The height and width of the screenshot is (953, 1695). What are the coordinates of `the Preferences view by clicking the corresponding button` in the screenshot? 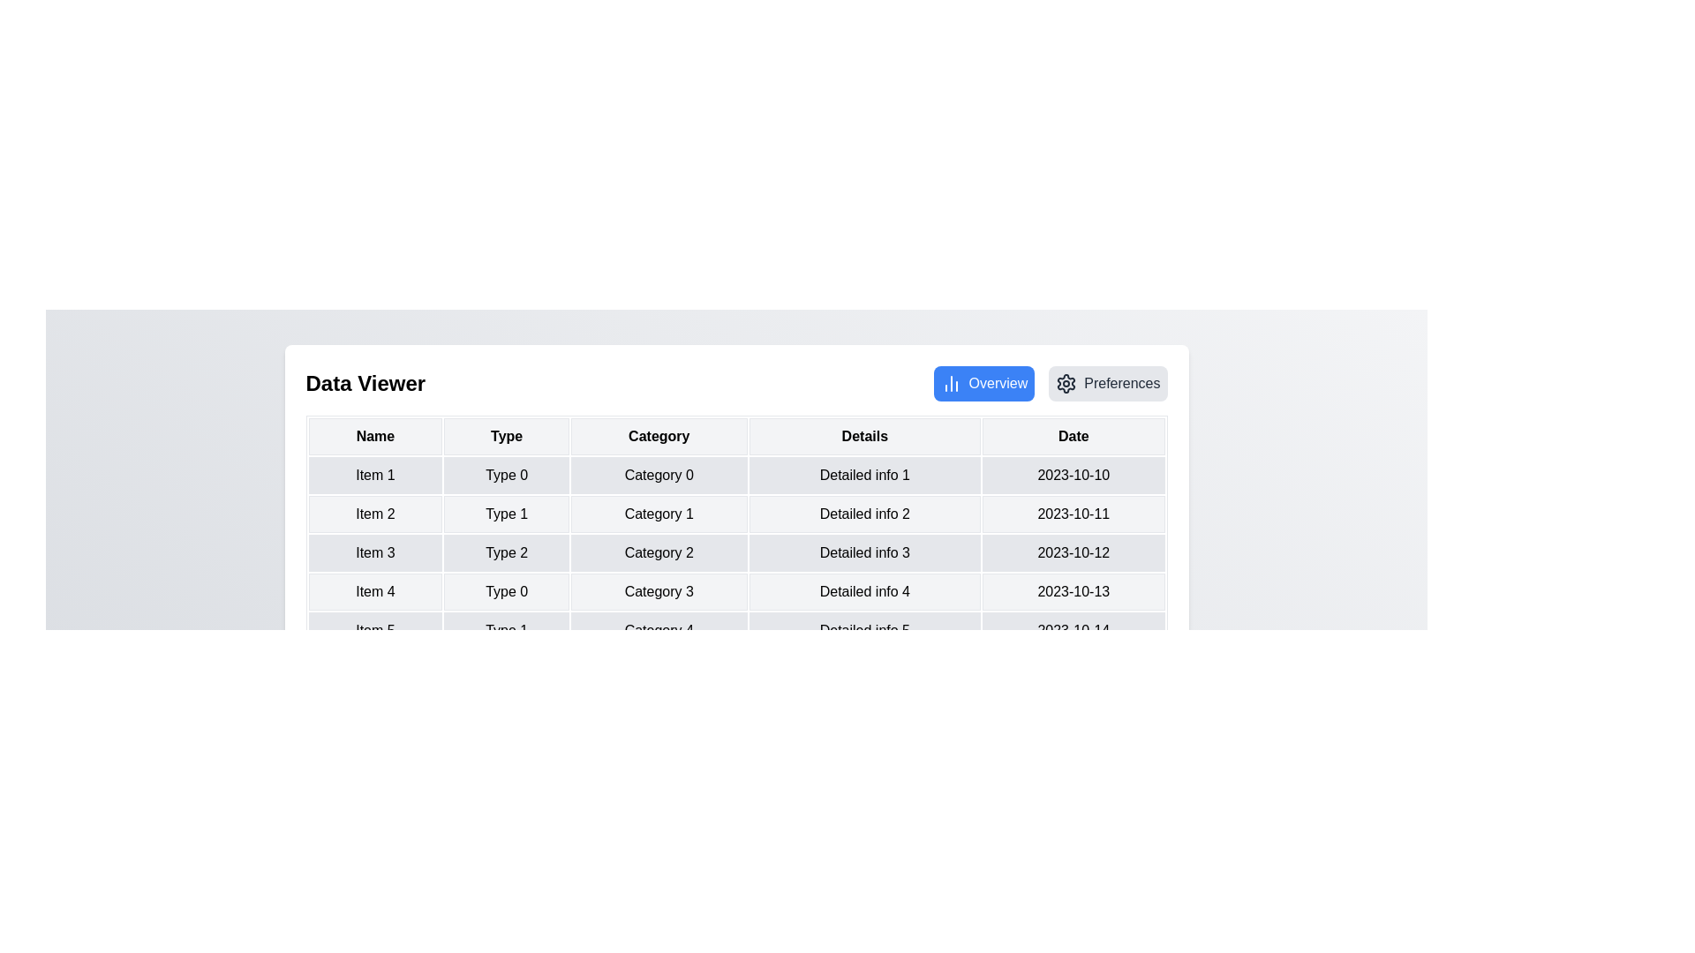 It's located at (1107, 383).